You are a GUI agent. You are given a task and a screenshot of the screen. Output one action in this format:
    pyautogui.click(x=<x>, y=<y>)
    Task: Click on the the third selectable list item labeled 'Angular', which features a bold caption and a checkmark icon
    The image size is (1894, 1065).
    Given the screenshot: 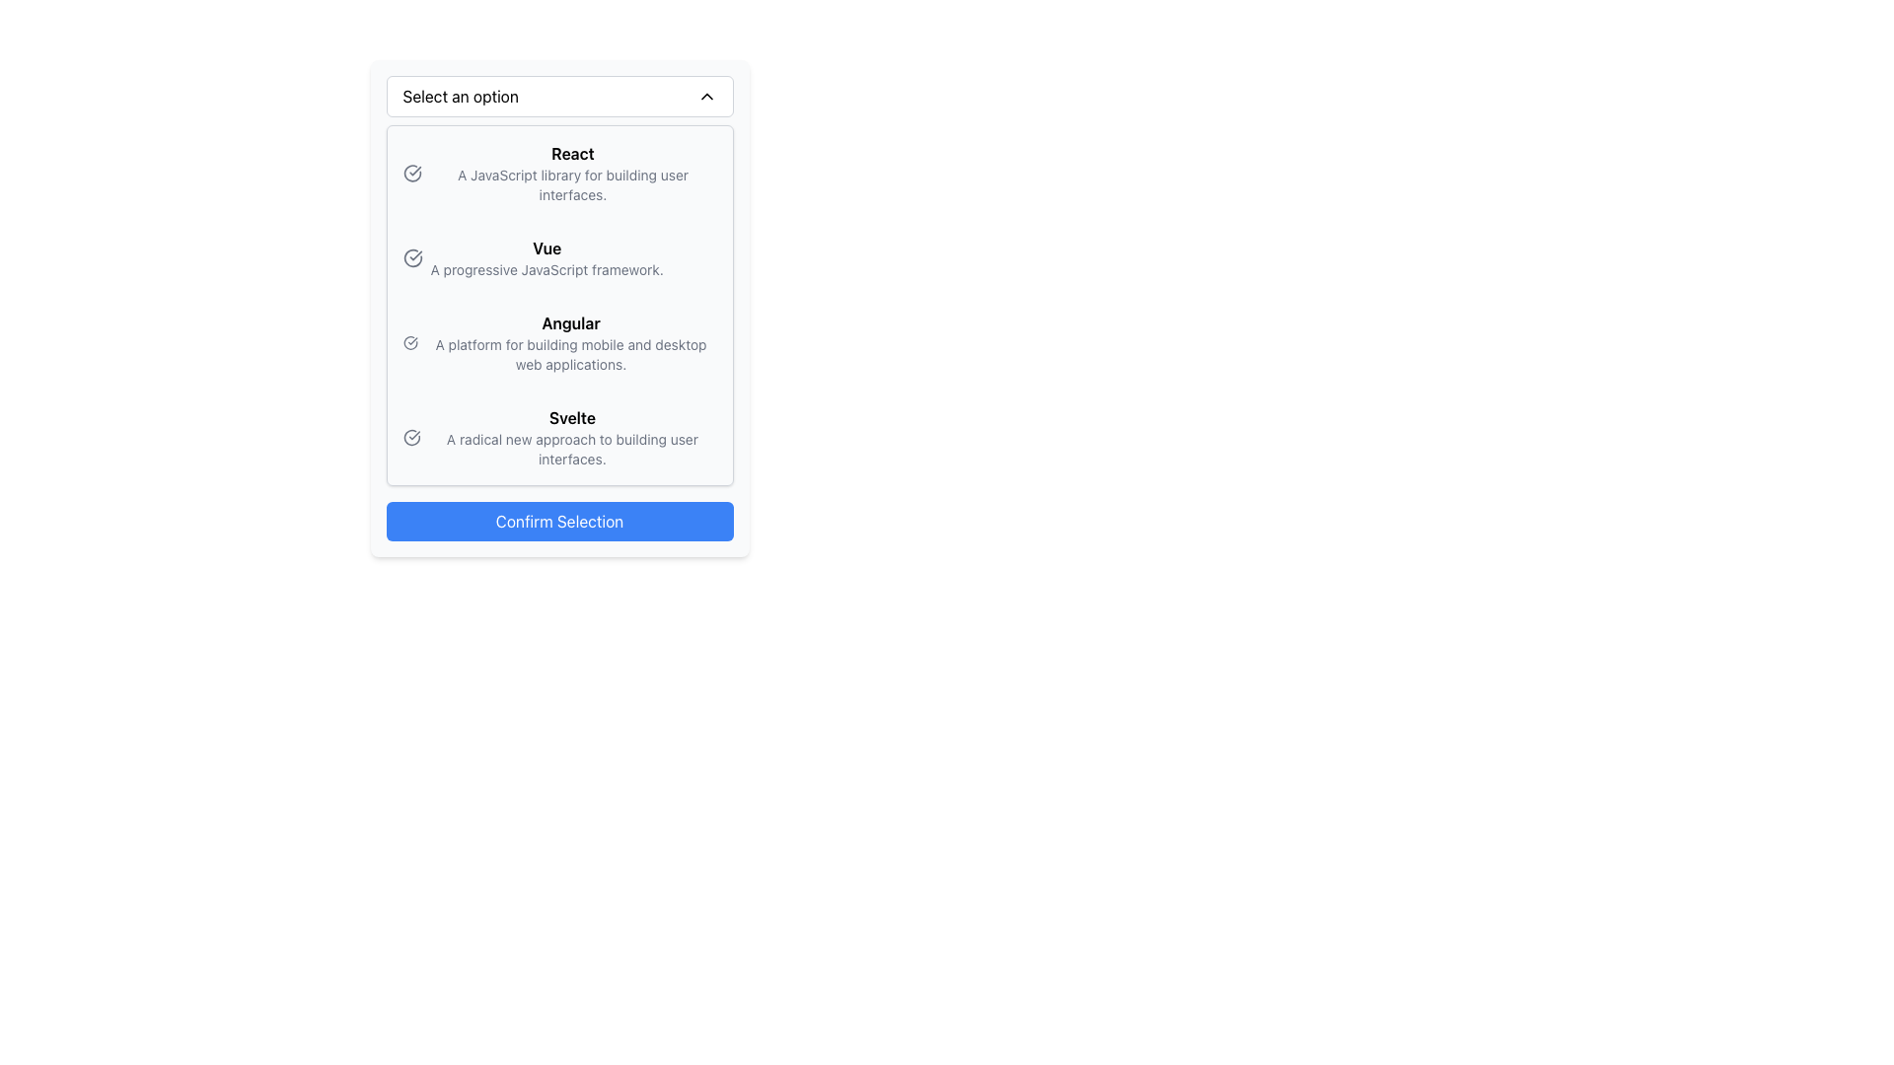 What is the action you would take?
    pyautogui.click(x=558, y=341)
    